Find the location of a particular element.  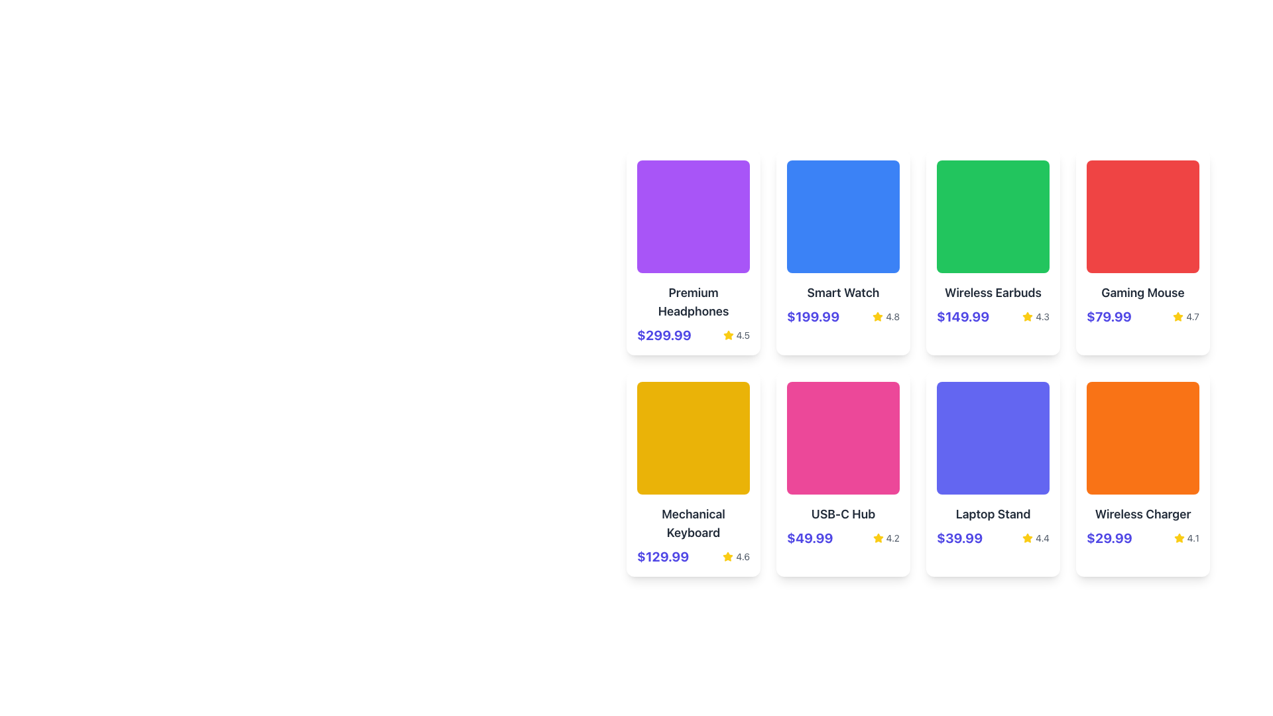

the text label displaying the rating score for the 'Wireless Charger' product, which is located below the price text and adjacent to a yellow star icon is located at coordinates (1193, 538).